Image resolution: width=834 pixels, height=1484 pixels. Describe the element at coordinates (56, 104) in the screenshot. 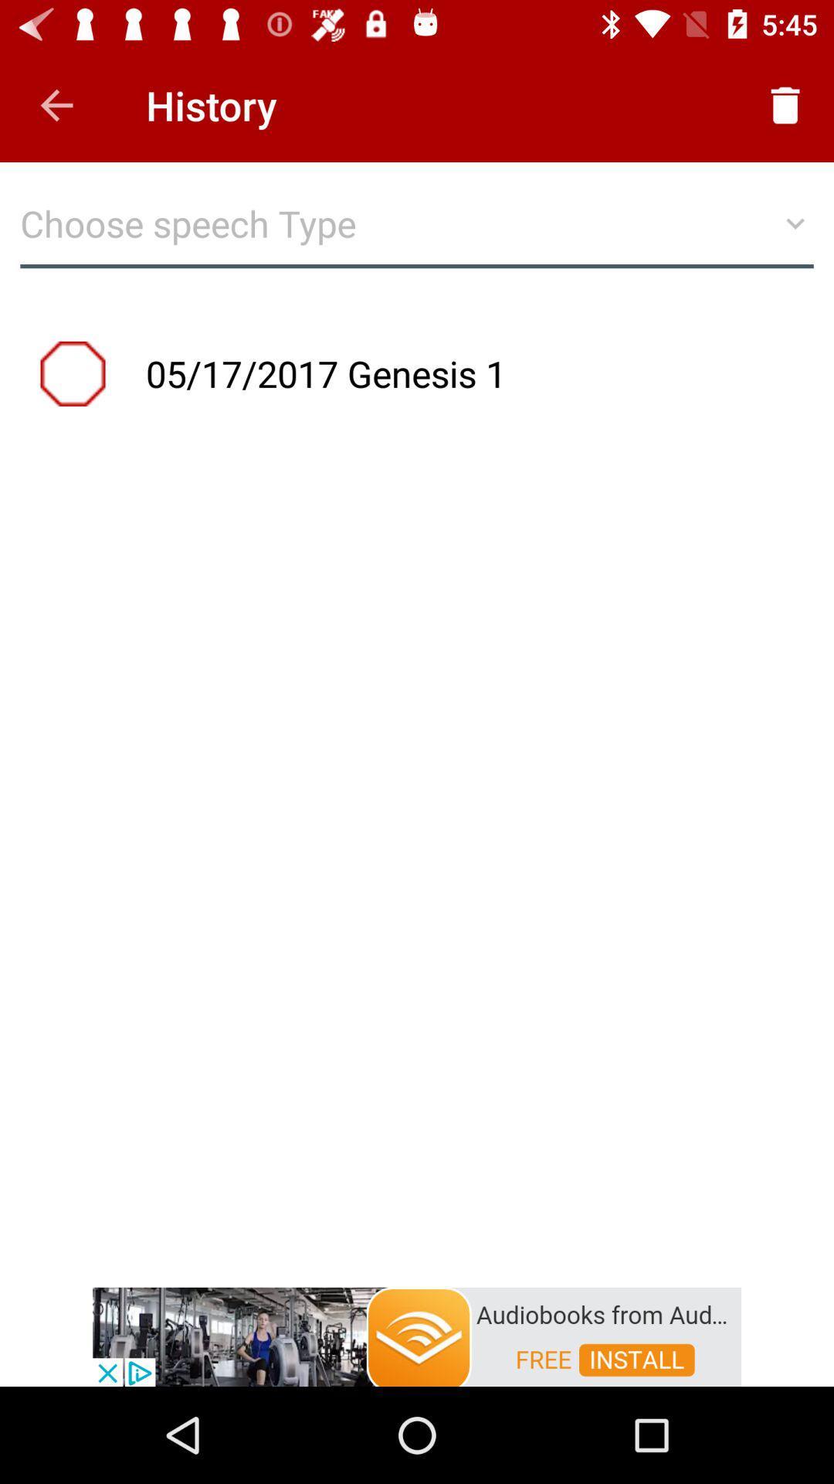

I see `come back` at that location.